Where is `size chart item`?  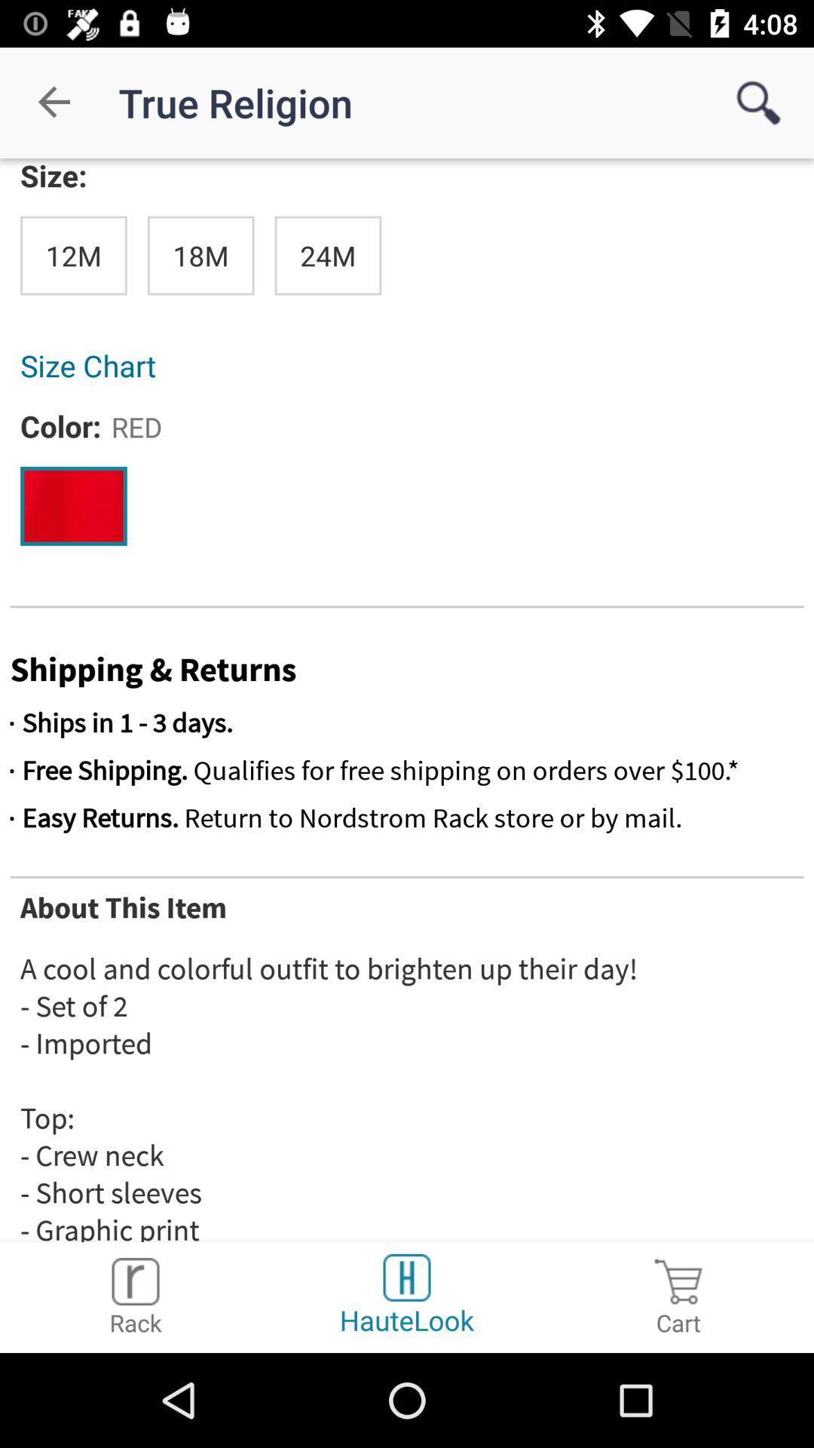 size chart item is located at coordinates (407, 365).